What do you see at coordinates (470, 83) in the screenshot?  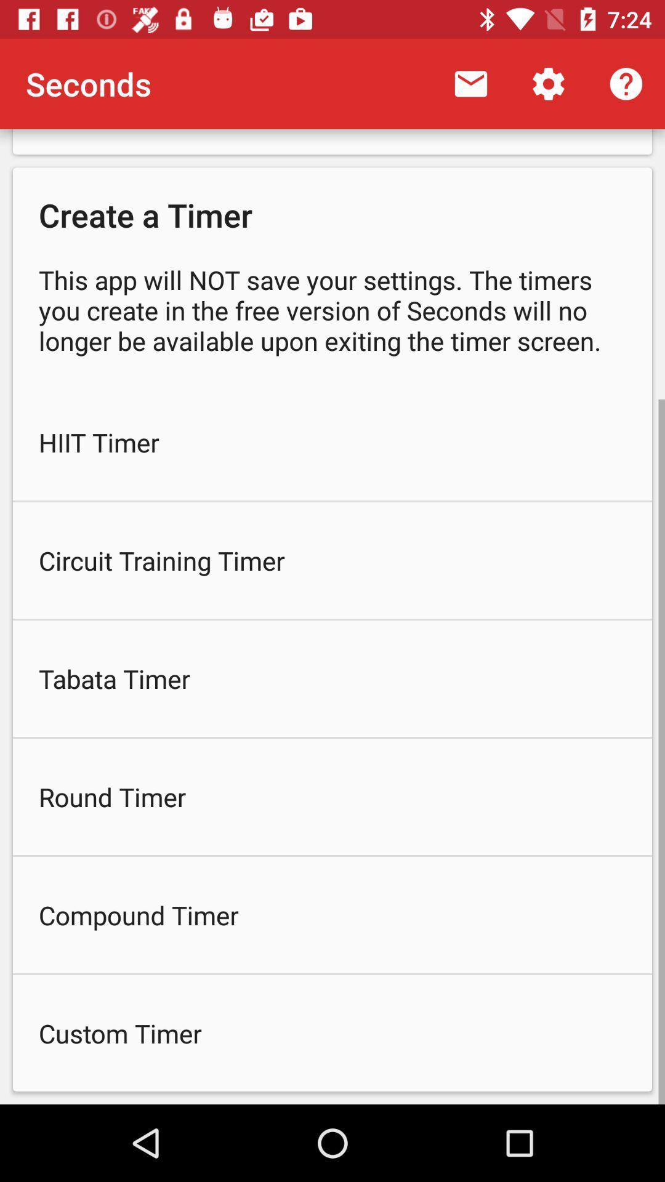 I see `icon above the create a timer item` at bounding box center [470, 83].